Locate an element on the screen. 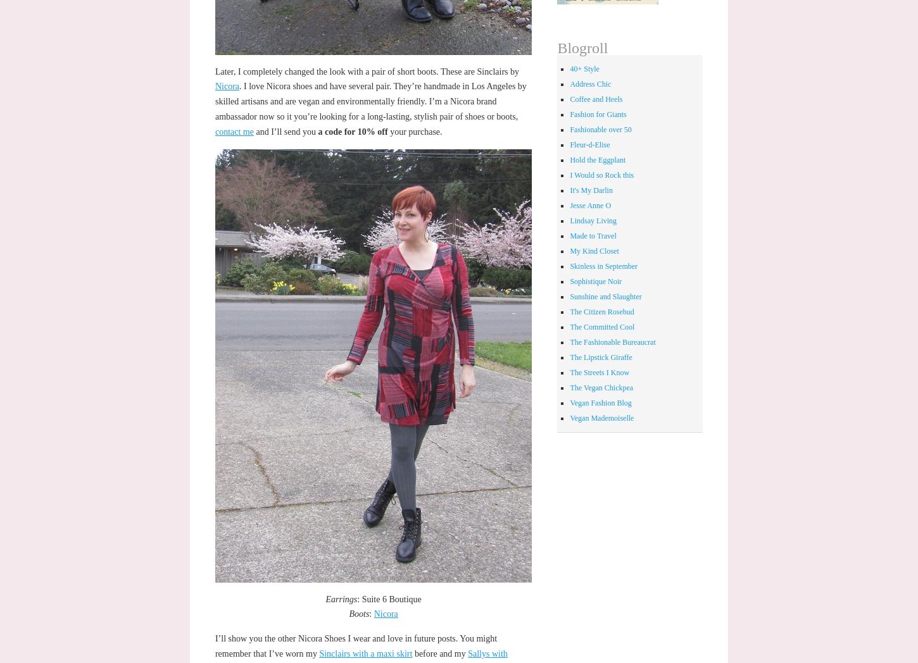 The image size is (918, 663). 'The Lipstick Giraffe' is located at coordinates (600, 356).